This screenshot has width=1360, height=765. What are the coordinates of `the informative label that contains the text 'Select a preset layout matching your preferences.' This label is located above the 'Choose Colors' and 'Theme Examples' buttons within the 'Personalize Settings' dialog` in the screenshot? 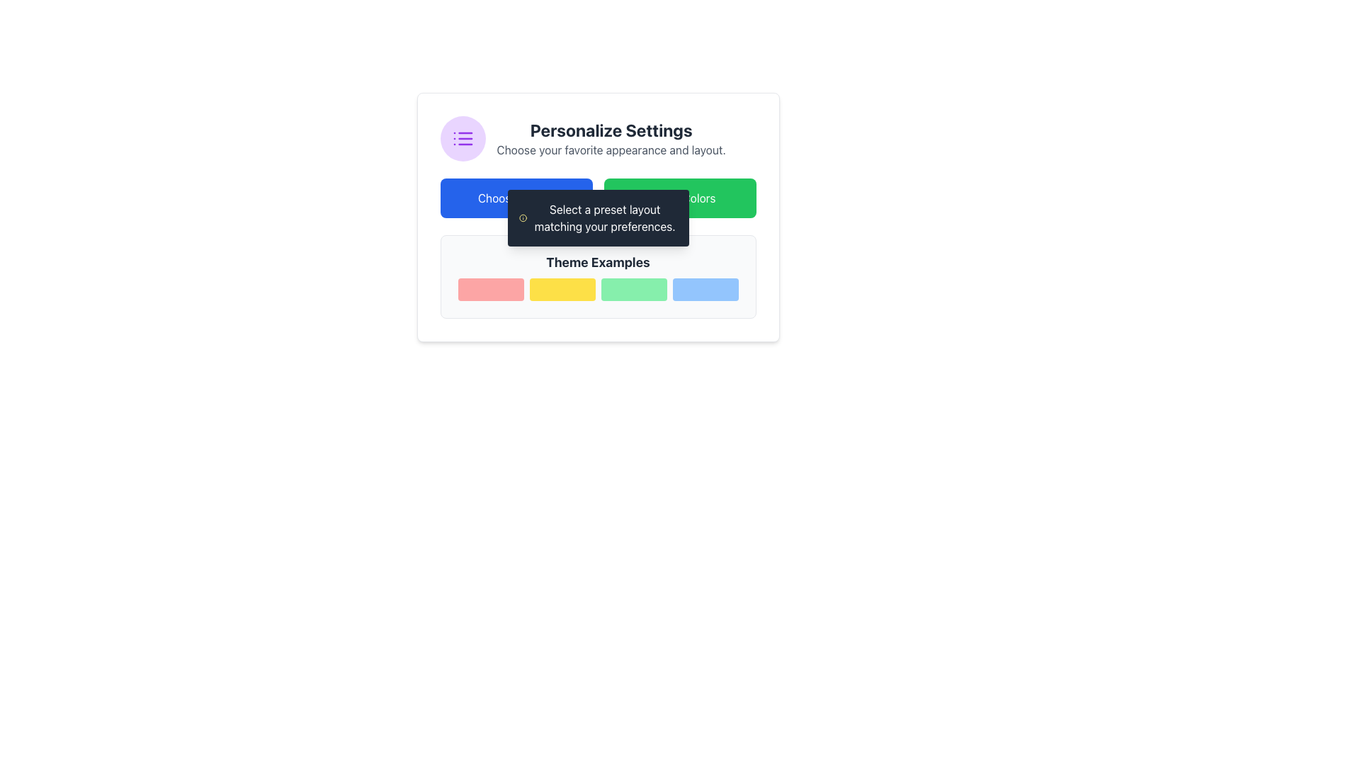 It's located at (605, 218).